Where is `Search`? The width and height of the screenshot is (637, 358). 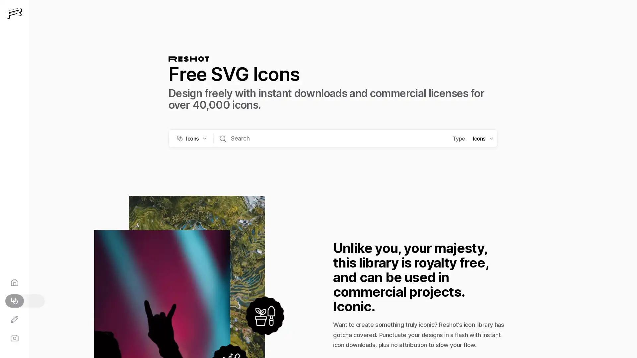
Search is located at coordinates (223, 138).